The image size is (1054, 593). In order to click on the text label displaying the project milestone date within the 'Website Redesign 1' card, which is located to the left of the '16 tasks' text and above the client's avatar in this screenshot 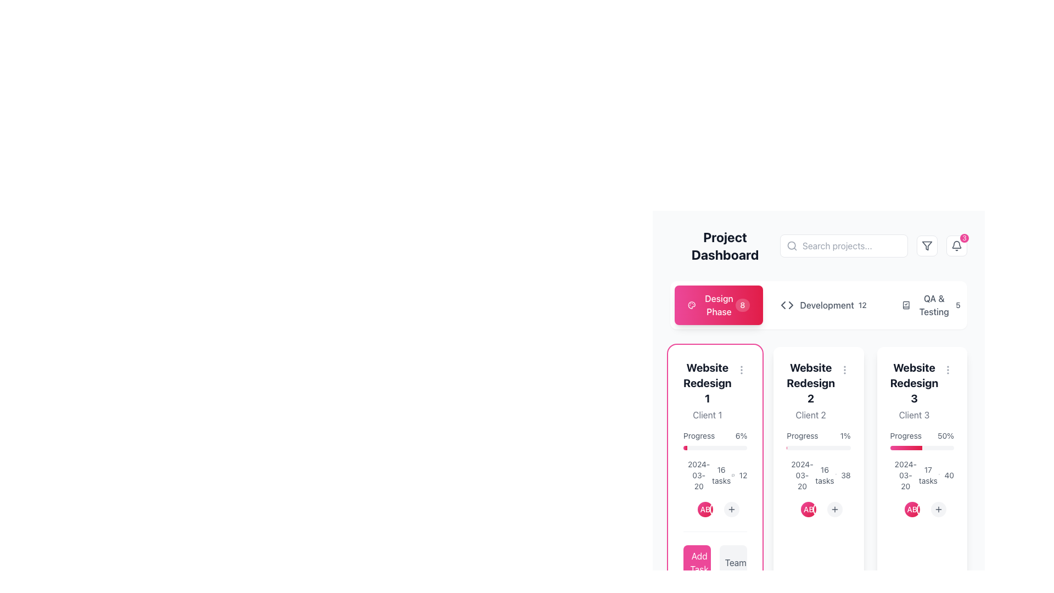, I will do `click(691, 475)`.